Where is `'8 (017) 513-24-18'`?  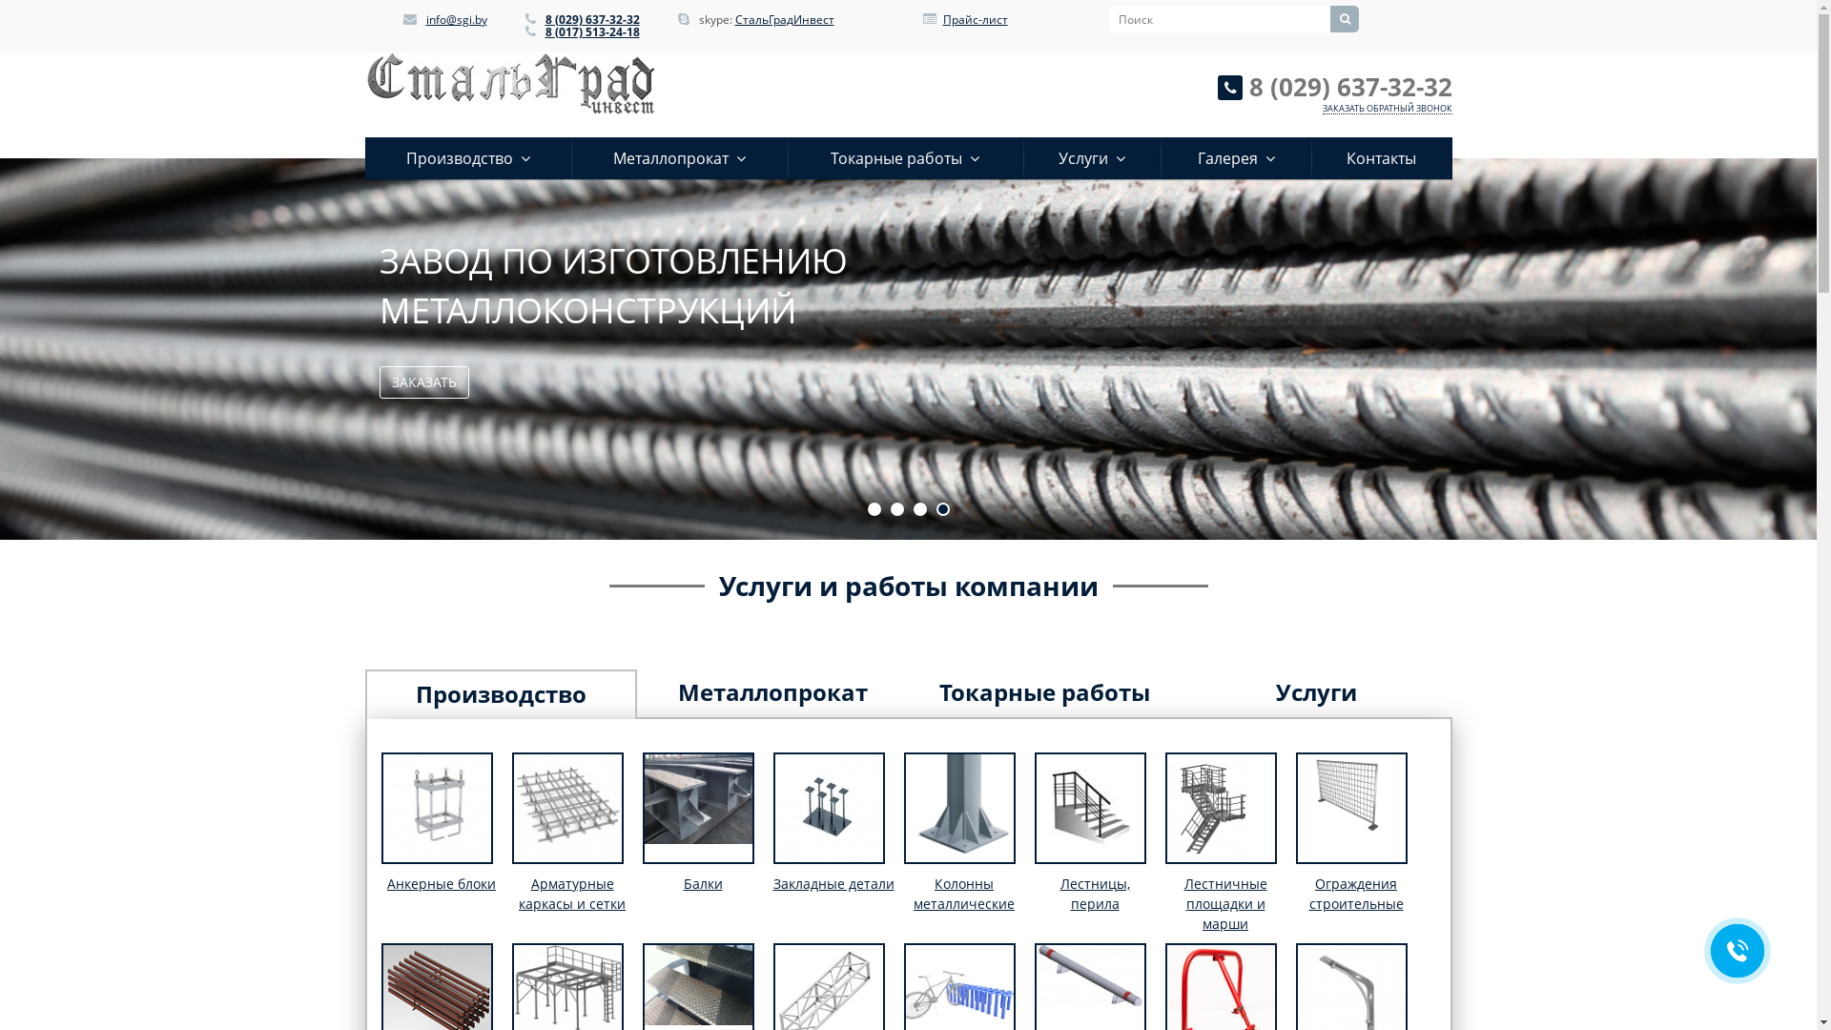
'8 (017) 513-24-18' is located at coordinates (591, 31).